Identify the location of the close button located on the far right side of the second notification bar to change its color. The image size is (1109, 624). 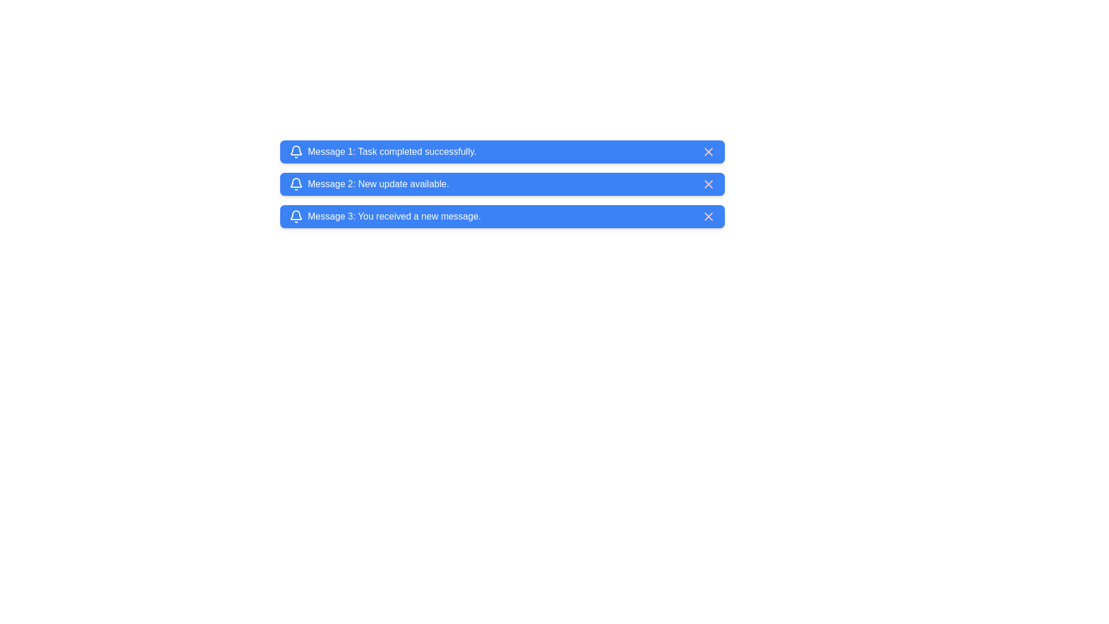
(708, 184).